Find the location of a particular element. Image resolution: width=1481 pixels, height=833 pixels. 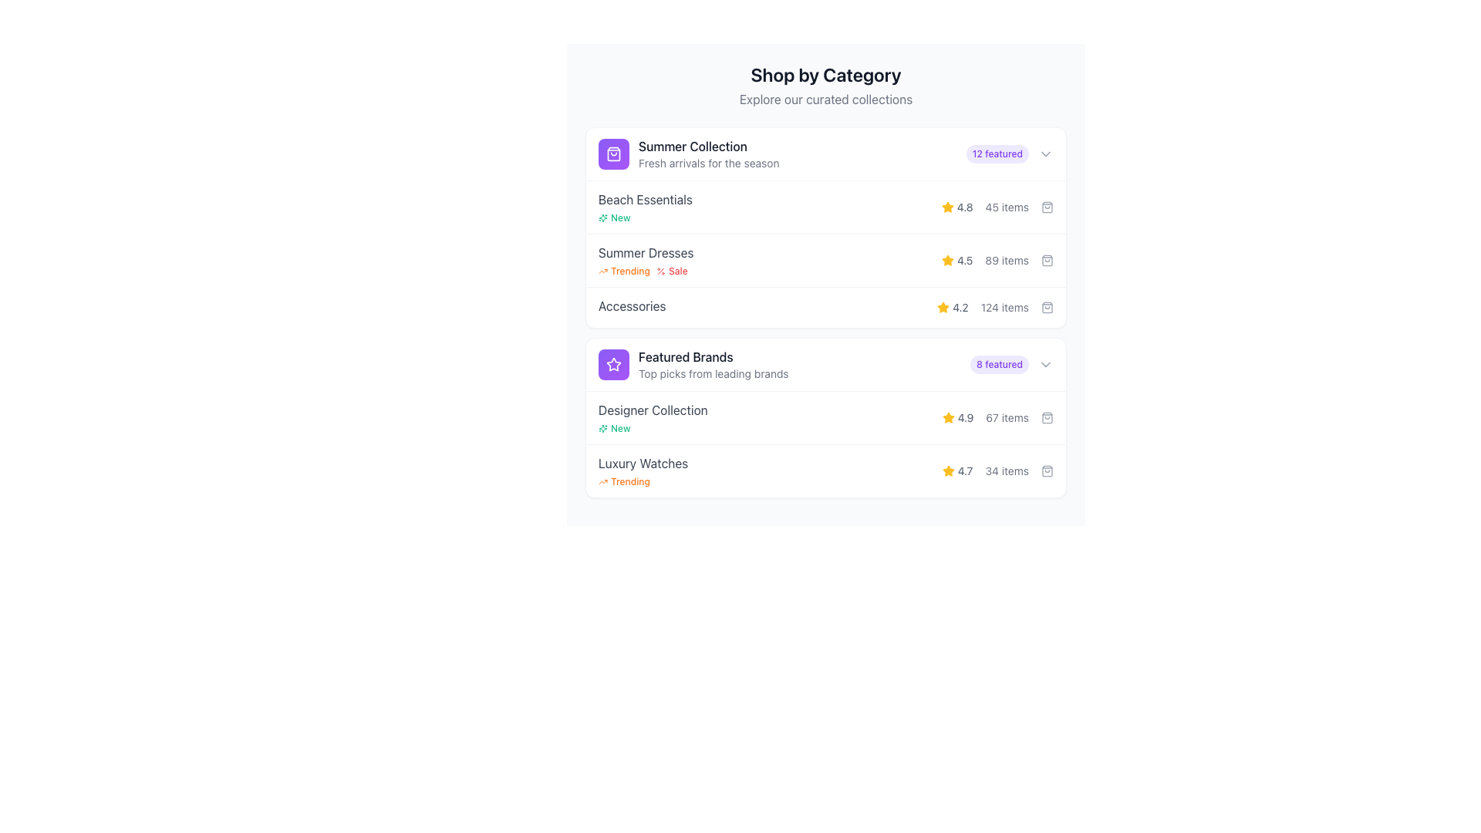

the Icon Button that symbolizes the 'Featured Brands' section, located at the far left of the grouping with the text 'Featured Brands' and 'Top picks from leading brands.' is located at coordinates (613, 365).